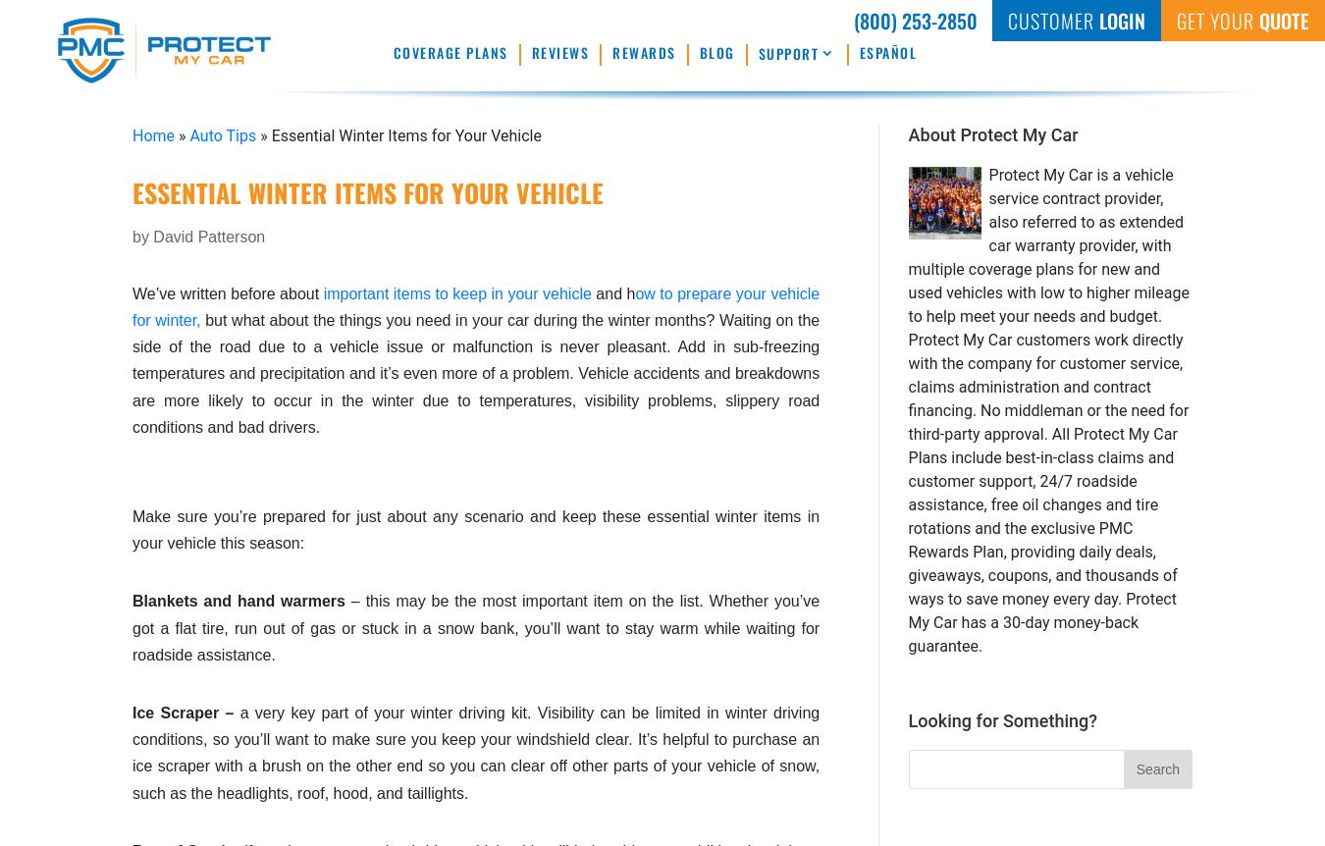 The width and height of the screenshot is (1325, 846). Describe the element at coordinates (475, 752) in the screenshot. I see `'a very key part of your winter driving kit. Visibility can be limited in winter driving conditions, so you’ll want to make sure you keep your windshield clear. It’s helpful to purchase an ice scraper with a brush on the other end so you can clear off other parts of your vehicle of snow, such as the headlights, roof, hood, and taillights.'` at that location.